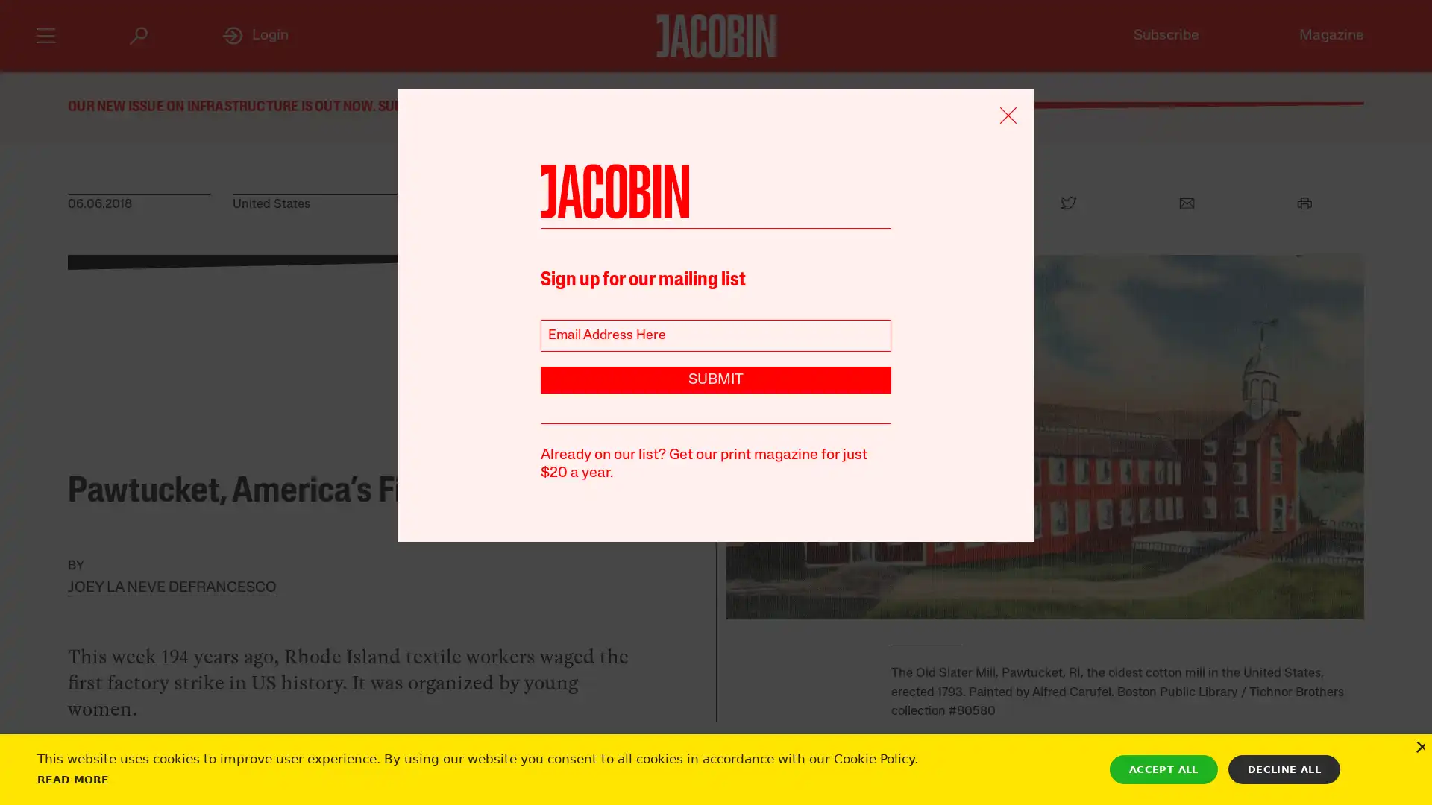  What do you see at coordinates (949, 203) in the screenshot?
I see `Facebook Icon` at bounding box center [949, 203].